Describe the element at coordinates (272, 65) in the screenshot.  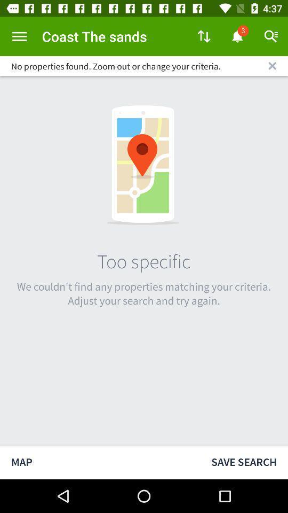
I see `the close icon` at that location.